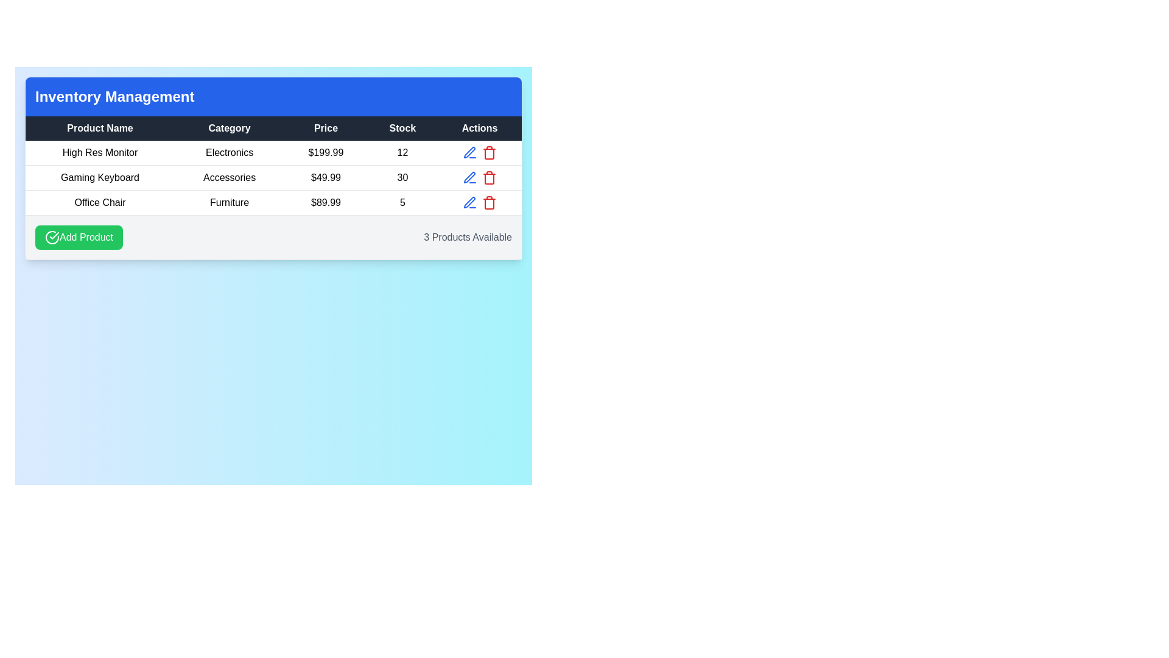 This screenshot has width=1169, height=658. I want to click on the Text Label indicating the category assignment ('Furniture') for the 'Office Chair' product in the inventory management table, so click(230, 202).